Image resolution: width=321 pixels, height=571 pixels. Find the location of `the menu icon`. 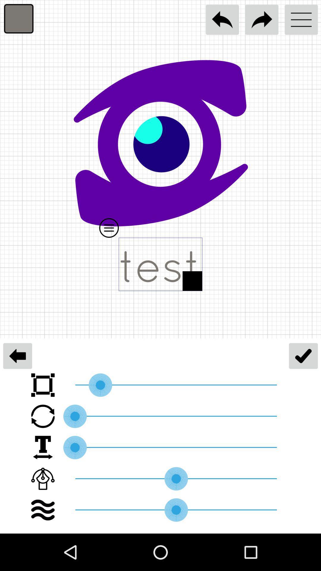

the menu icon is located at coordinates (301, 20).